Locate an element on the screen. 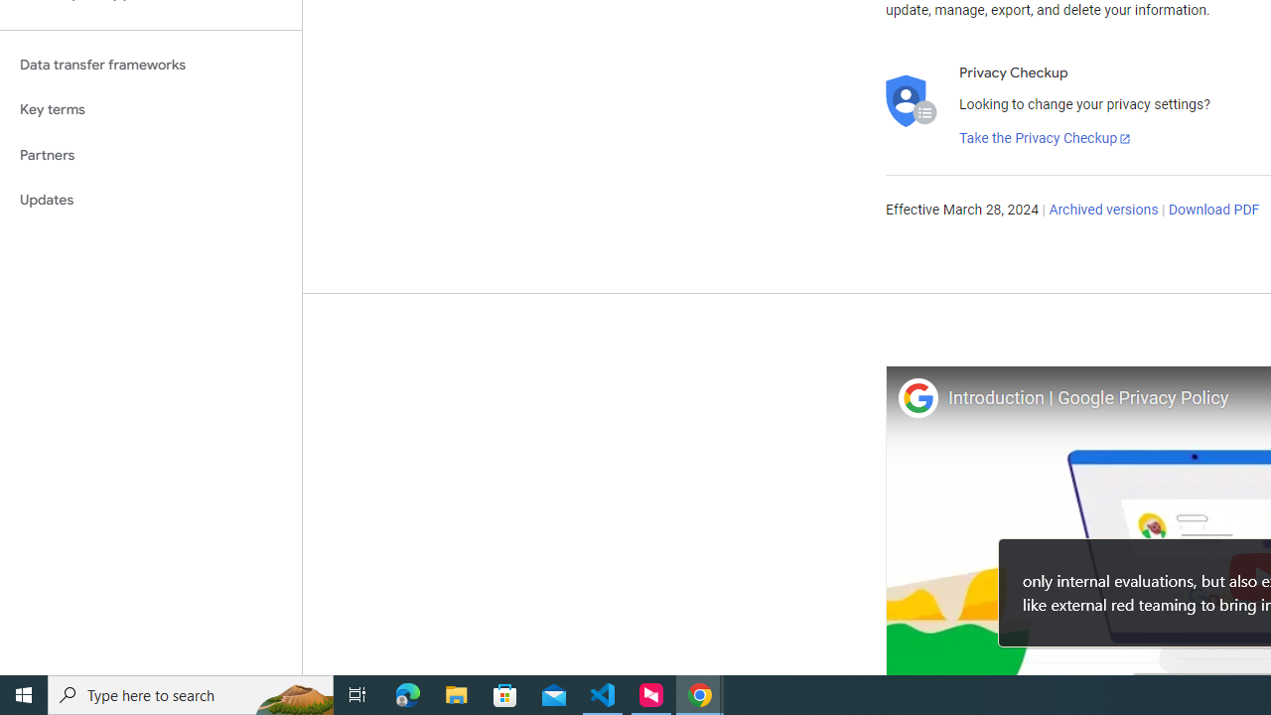 This screenshot has height=715, width=1271. 'Take the Privacy Checkup' is located at coordinates (1045, 138).